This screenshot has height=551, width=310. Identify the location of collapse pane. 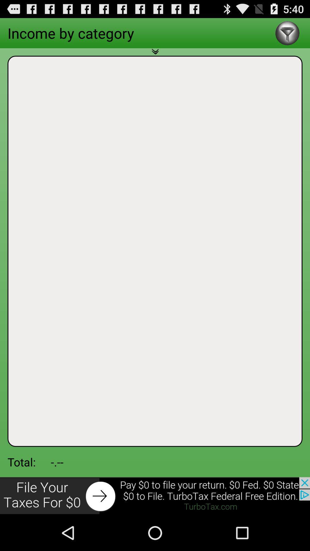
(155, 55).